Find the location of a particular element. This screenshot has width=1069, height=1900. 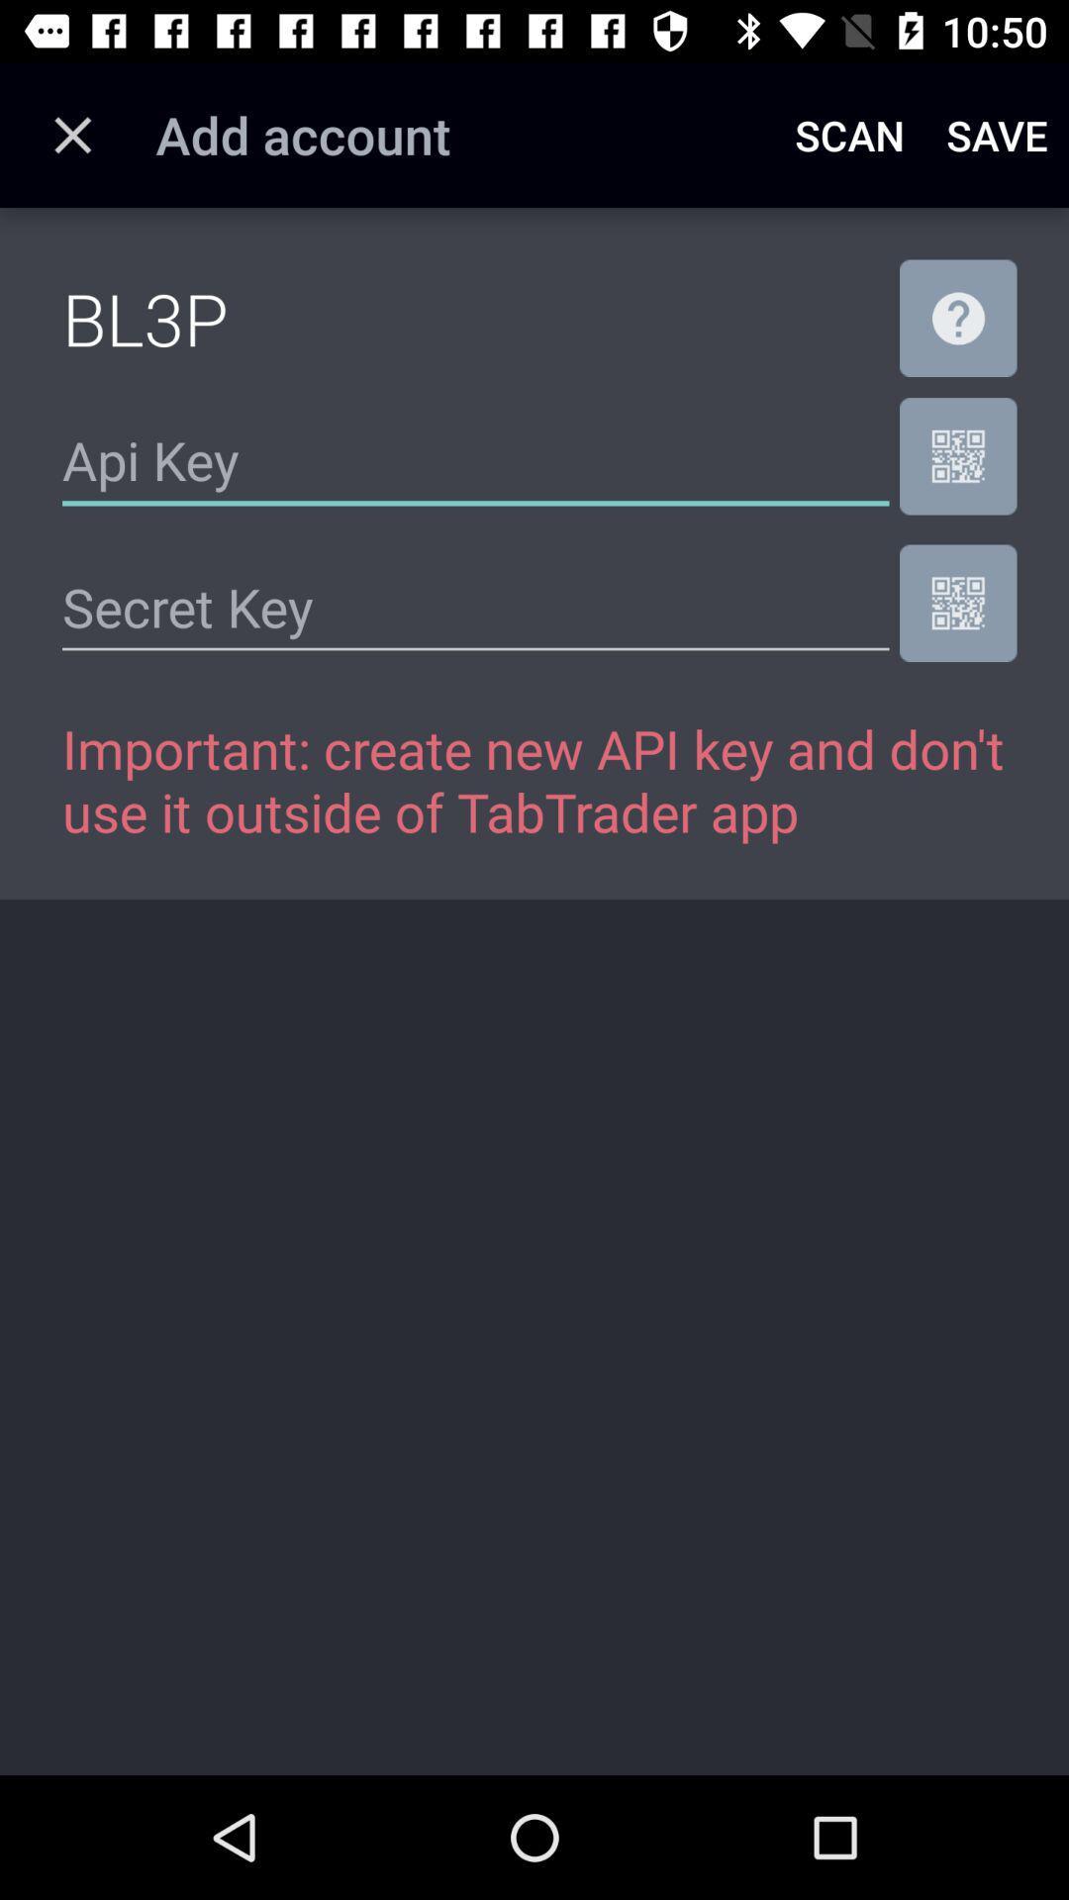

save is located at coordinates (997, 134).